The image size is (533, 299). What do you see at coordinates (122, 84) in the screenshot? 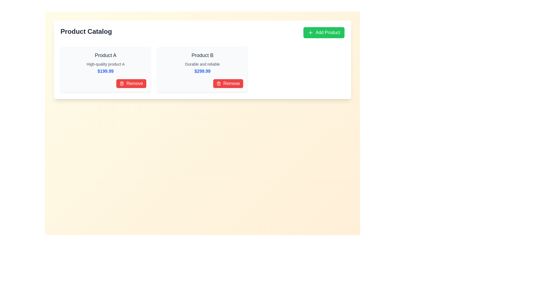
I see `the trash icon located within the 'Remove' button below the 'Product B' card, which visually represents a delete action` at bounding box center [122, 84].